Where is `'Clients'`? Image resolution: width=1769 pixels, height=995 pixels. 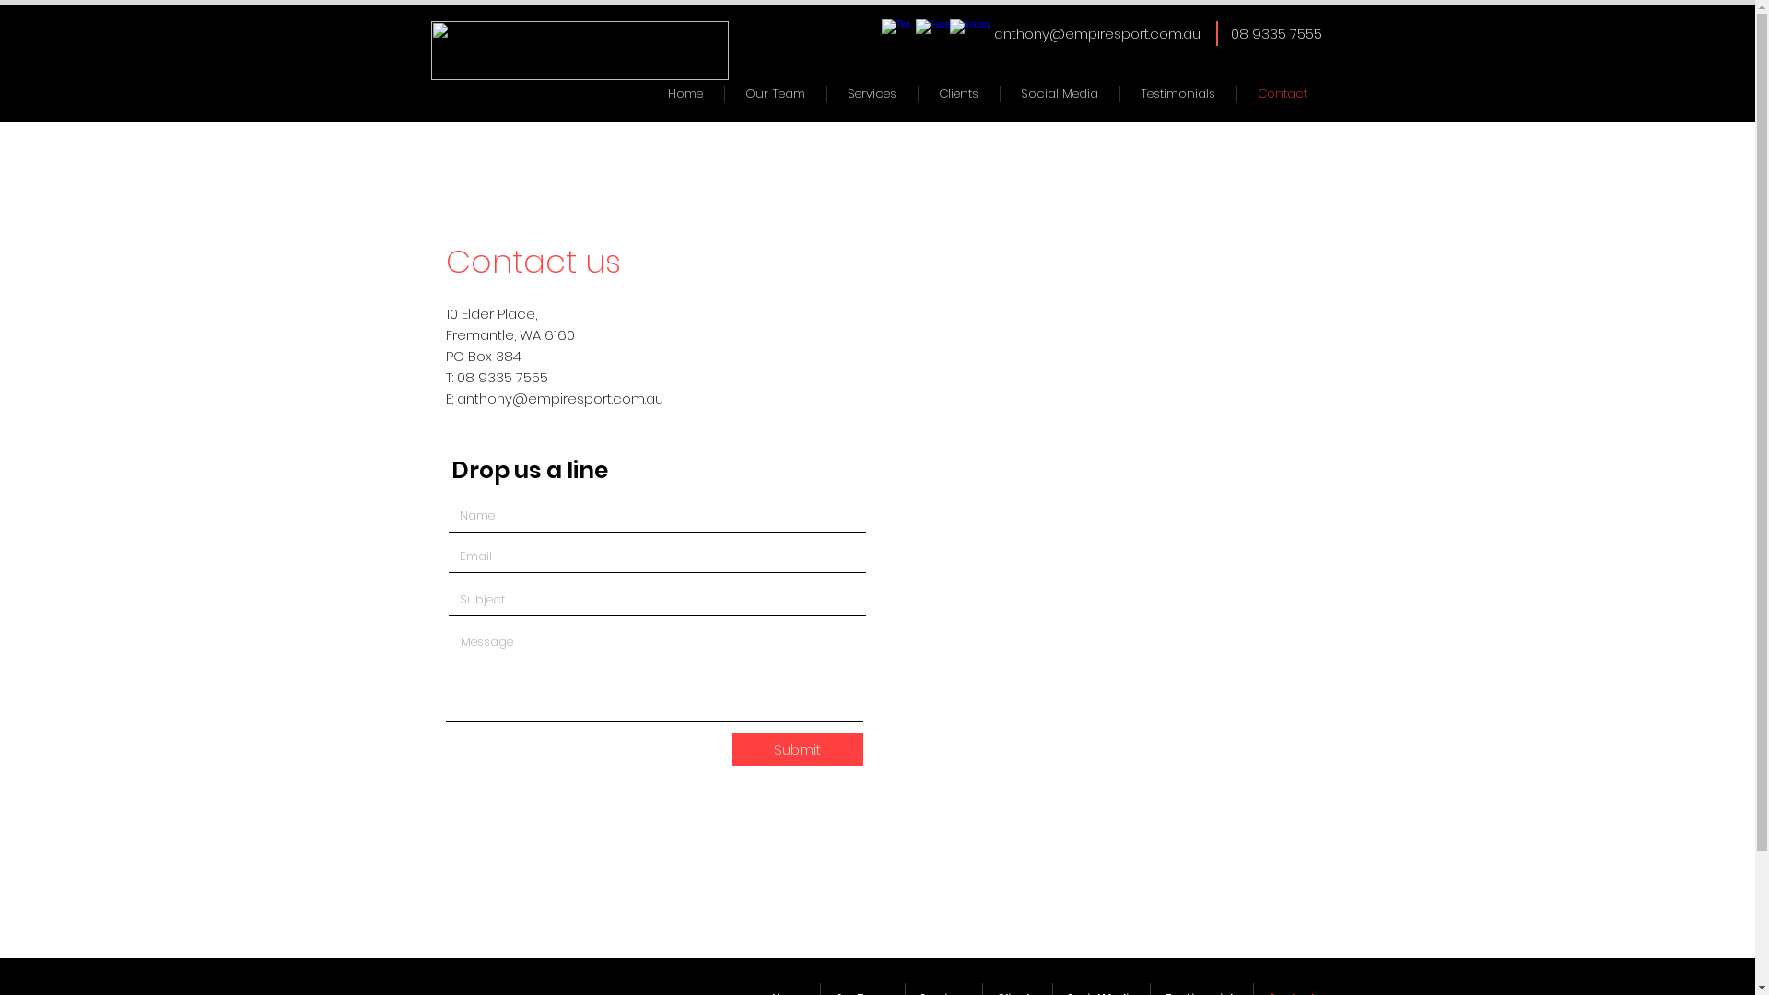
'Clients' is located at coordinates (958, 93).